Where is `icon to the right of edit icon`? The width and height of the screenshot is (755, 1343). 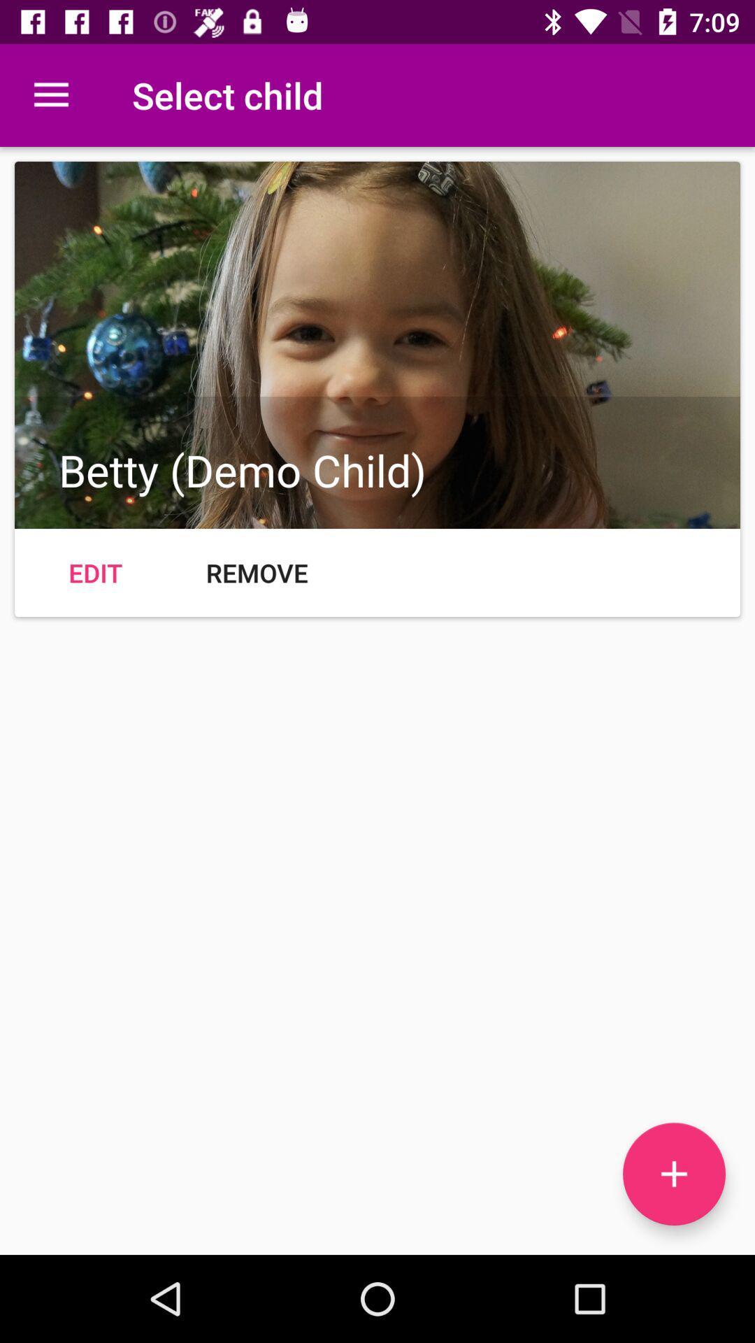 icon to the right of edit icon is located at coordinates (257, 573).